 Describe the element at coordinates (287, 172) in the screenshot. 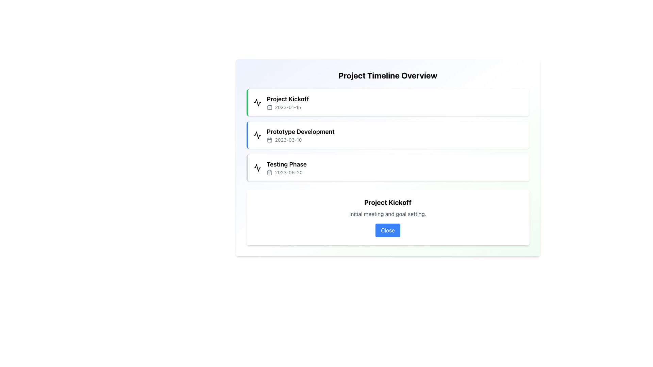

I see `displayed date information for the 'Testing Phase' entry in the timeline, located to the right of the 'Testing Phase' label, which is the third entry in the vertical sequence` at that location.